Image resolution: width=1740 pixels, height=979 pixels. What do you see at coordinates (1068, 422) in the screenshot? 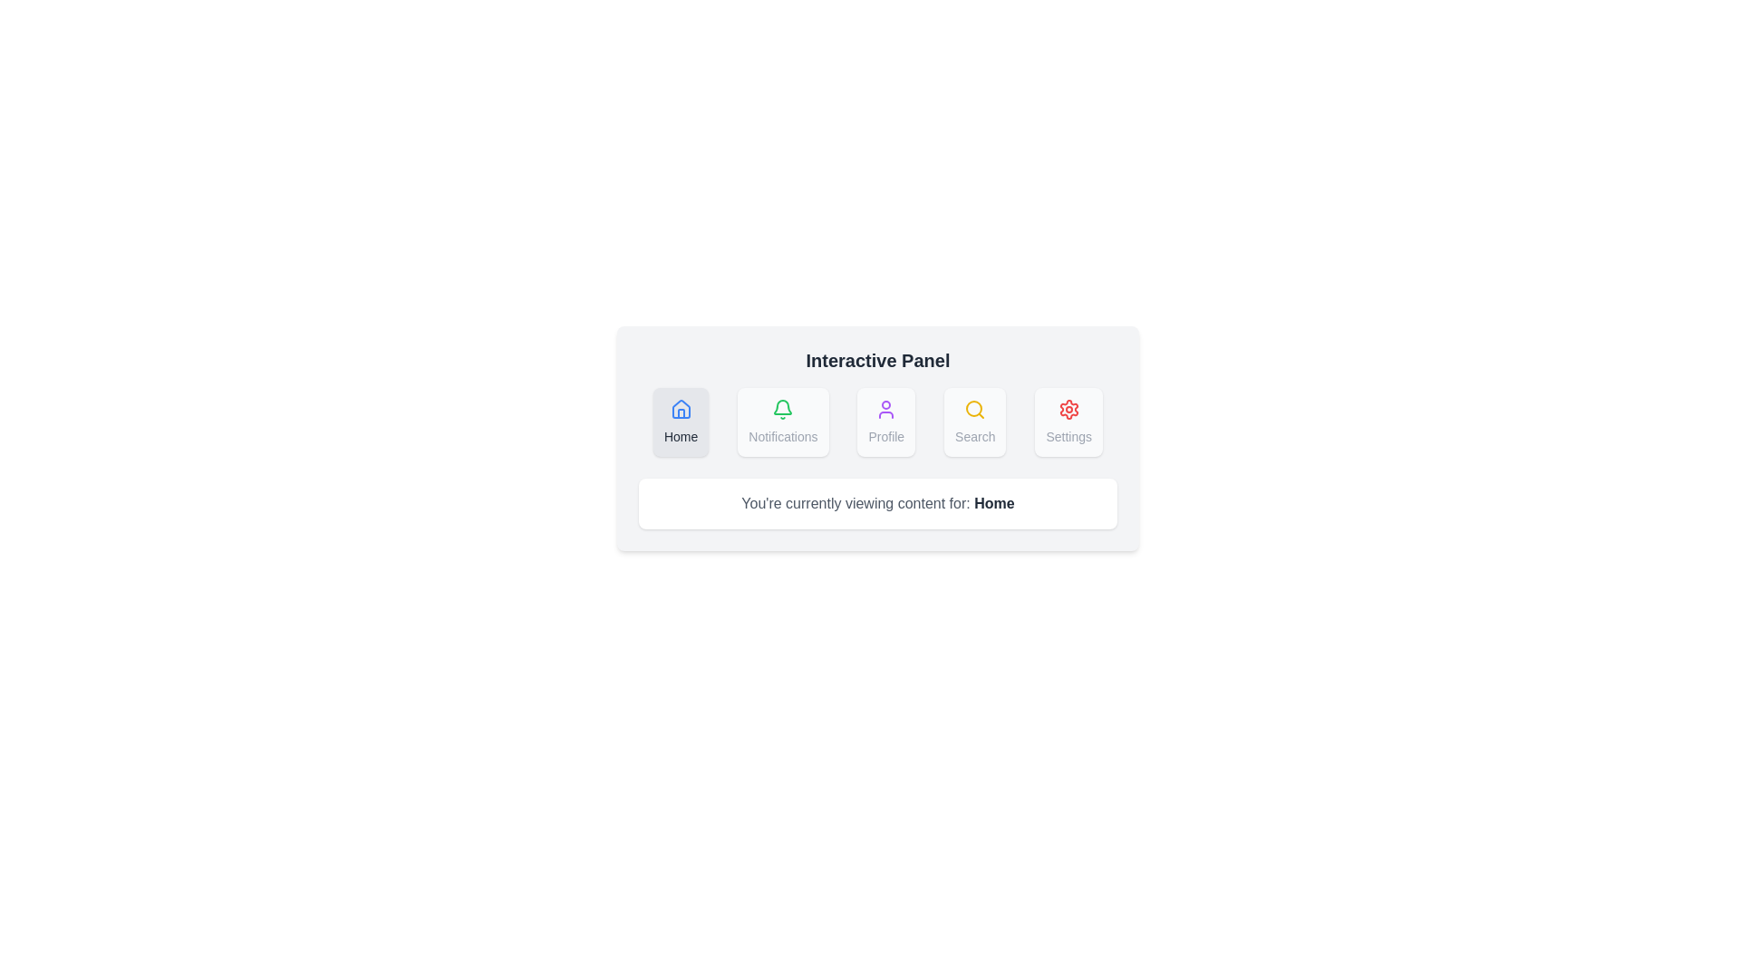
I see `the 'Settings' button, which is a rectangular button with rounded corners, featuring a red gear icon and a gray label, located at the rightmost side of a horizontally-aligned group of buttons` at bounding box center [1068, 422].